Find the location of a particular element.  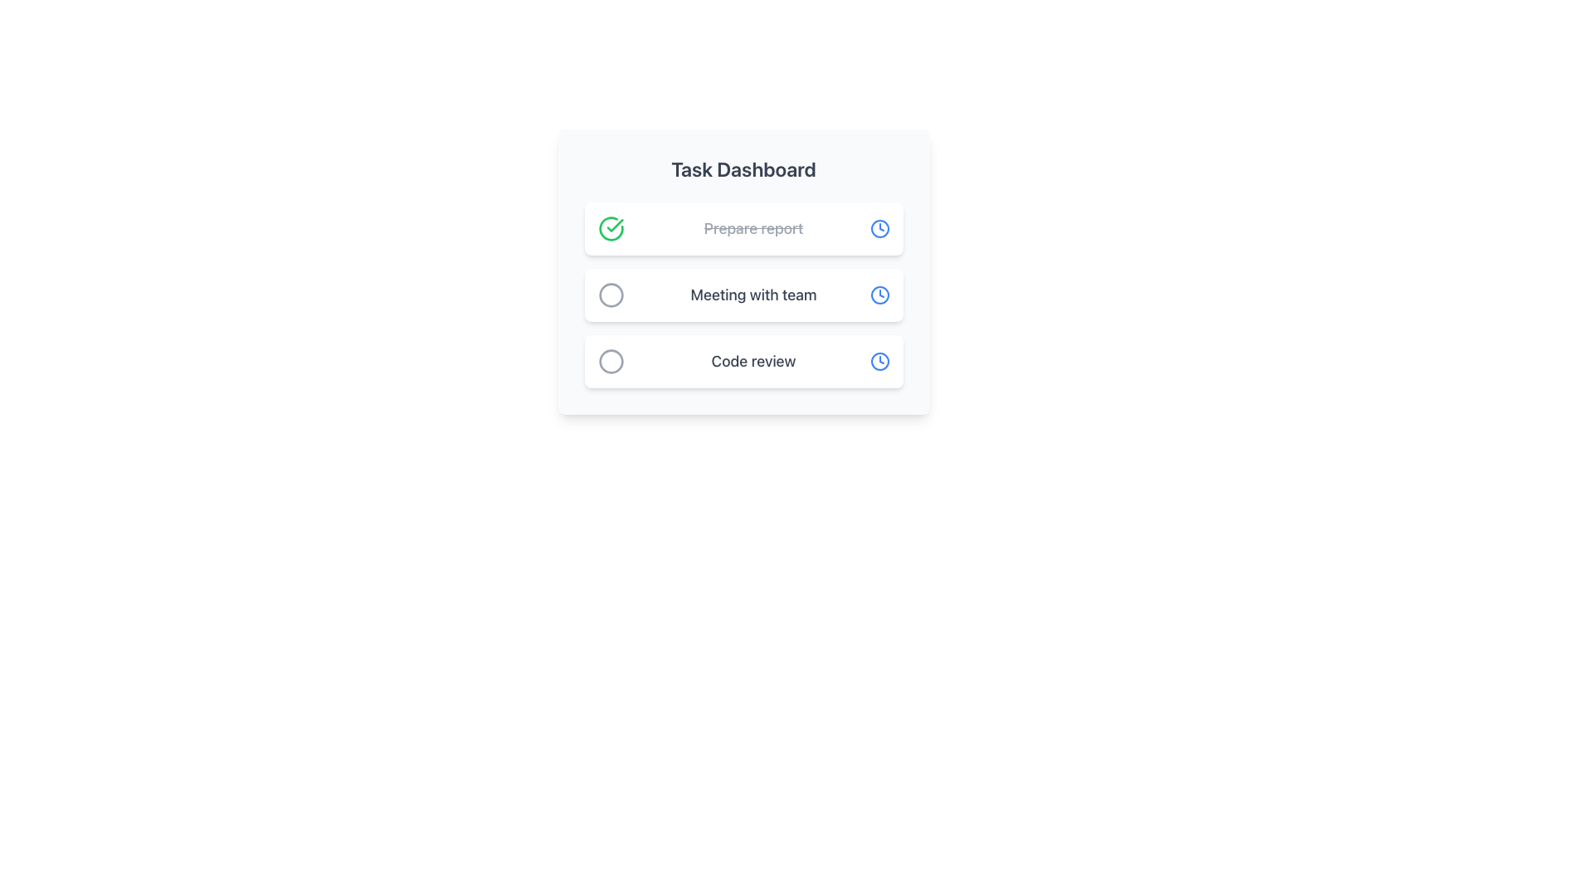

the small blue circular element inside the clock-shaped icon, which is positioned to the right of the 'Meeting with team' text in the task list is located at coordinates (879, 294).